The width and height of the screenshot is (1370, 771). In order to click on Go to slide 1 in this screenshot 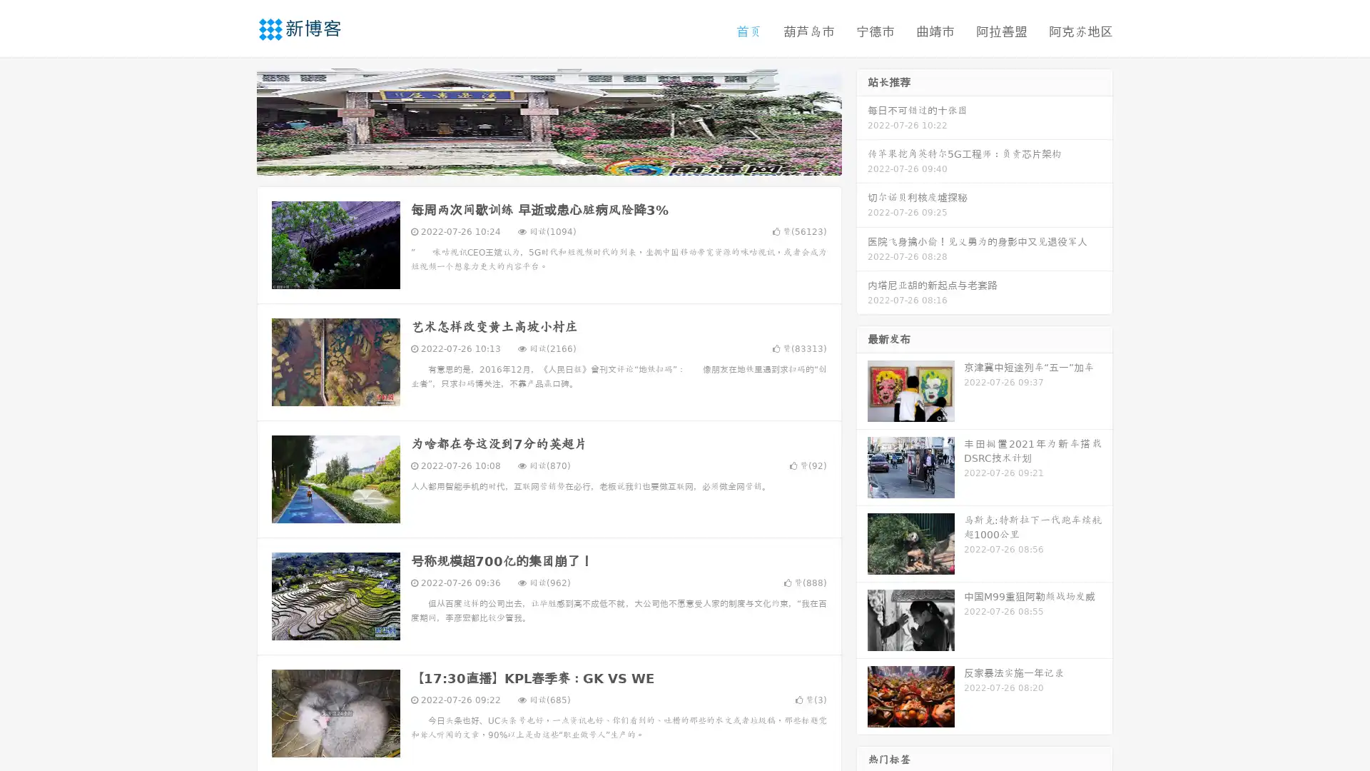, I will do `click(534, 161)`.